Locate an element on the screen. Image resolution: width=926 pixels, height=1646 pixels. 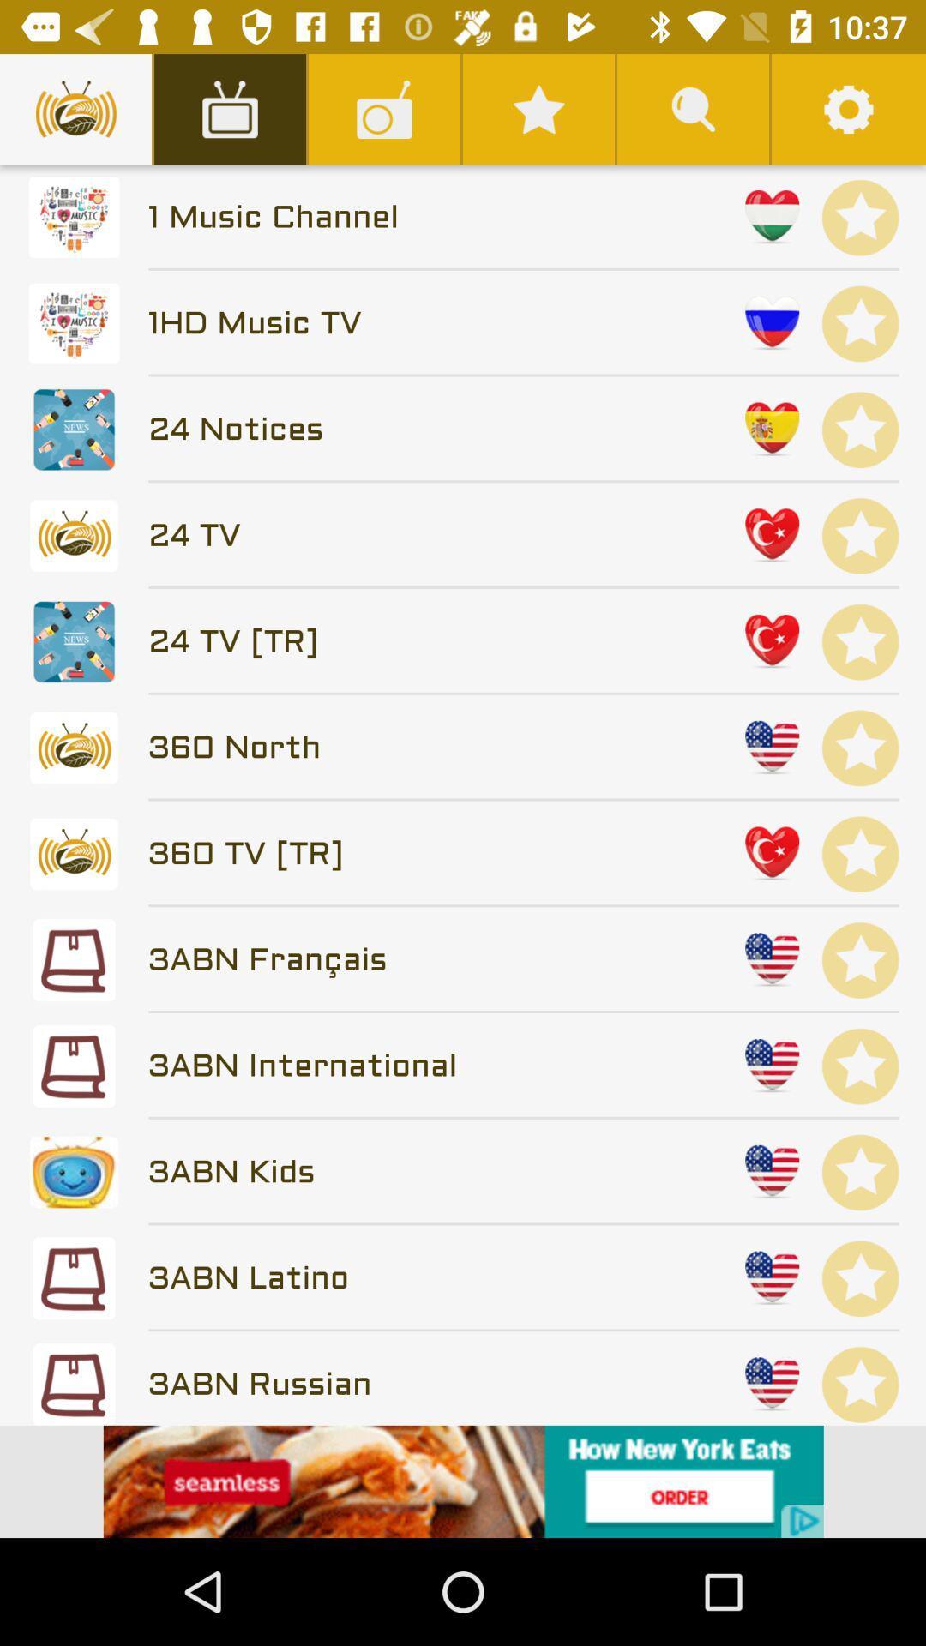
open advertisement is located at coordinates (463, 1481).